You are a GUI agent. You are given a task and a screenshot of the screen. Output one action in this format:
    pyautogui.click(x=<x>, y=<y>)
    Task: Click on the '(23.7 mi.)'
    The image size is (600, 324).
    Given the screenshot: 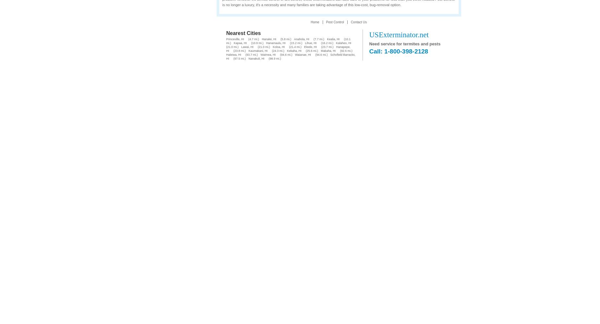 What is the action you would take?
    pyautogui.click(x=327, y=47)
    